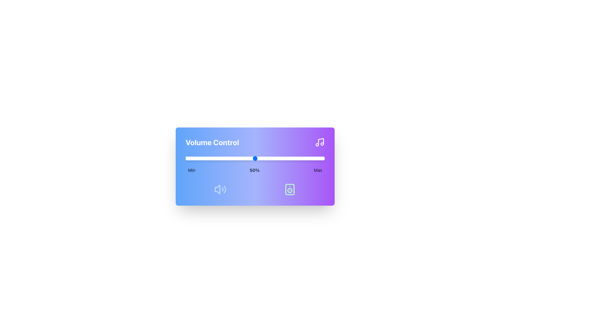 The image size is (596, 335). I want to click on the volume control button located at the bottom center of the interface, which is the first icon from the left among three evenly spaced icons, so click(220, 189).